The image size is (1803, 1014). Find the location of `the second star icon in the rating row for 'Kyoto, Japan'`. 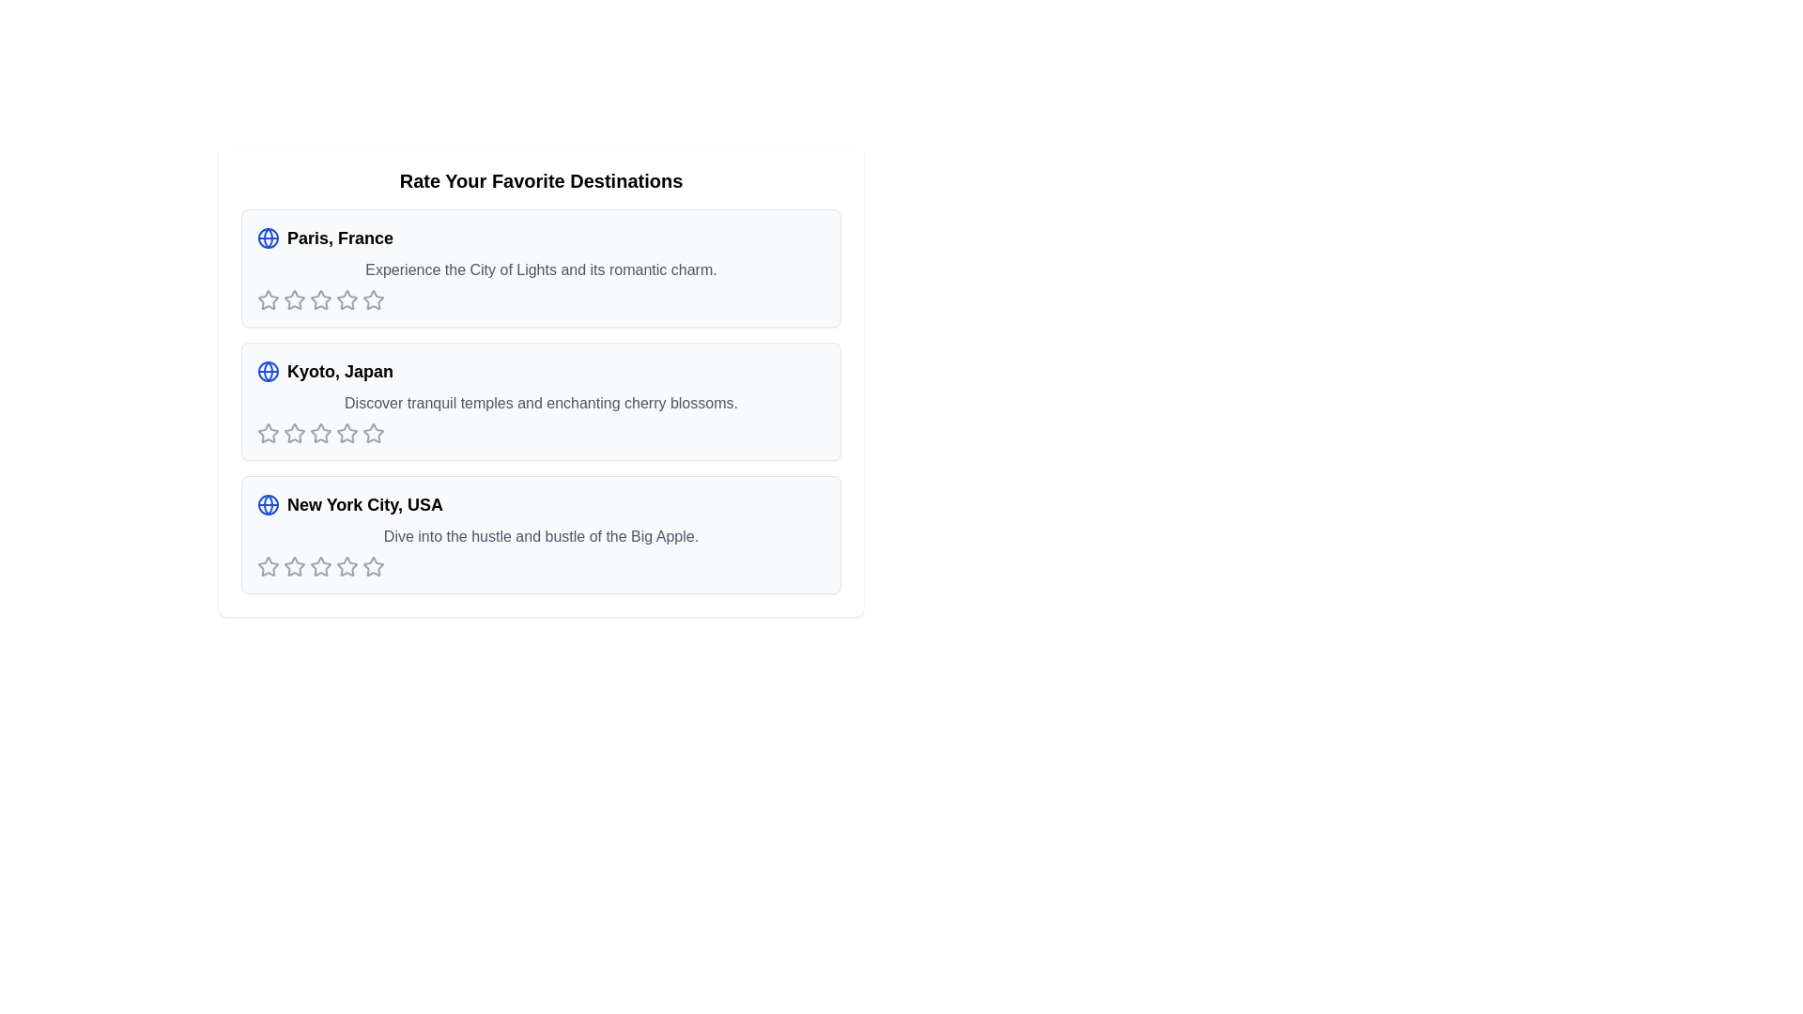

the second star icon in the rating row for 'Kyoto, Japan' is located at coordinates (320, 433).